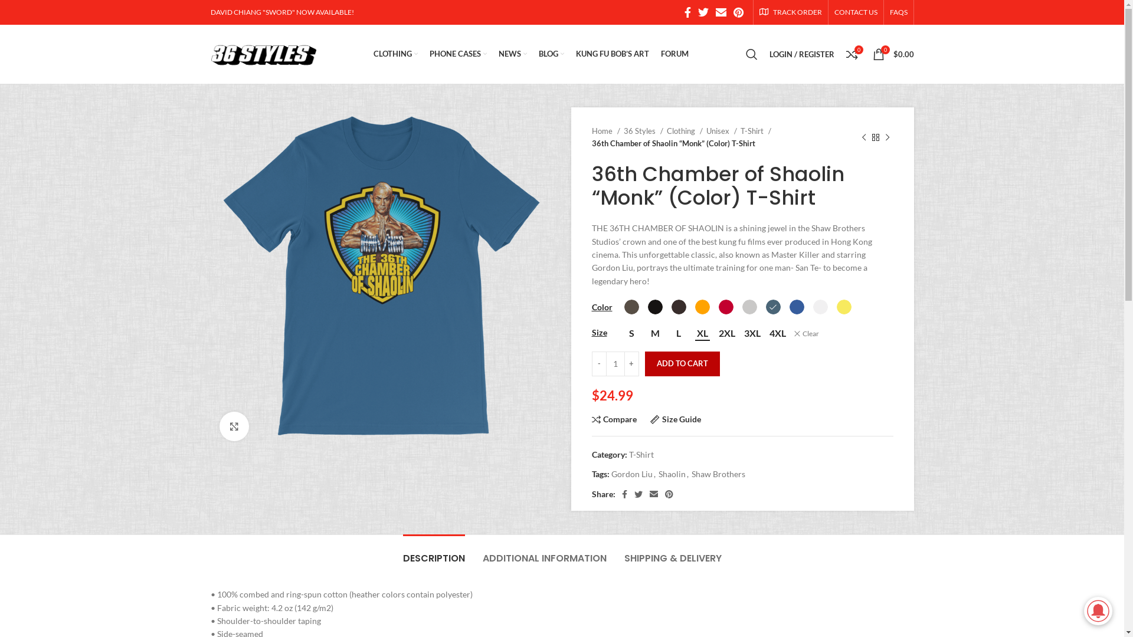 The image size is (1133, 637). What do you see at coordinates (281, 12) in the screenshot?
I see `'DAVID CHIANG "SWORD" NOW AVAILABLE!'` at bounding box center [281, 12].